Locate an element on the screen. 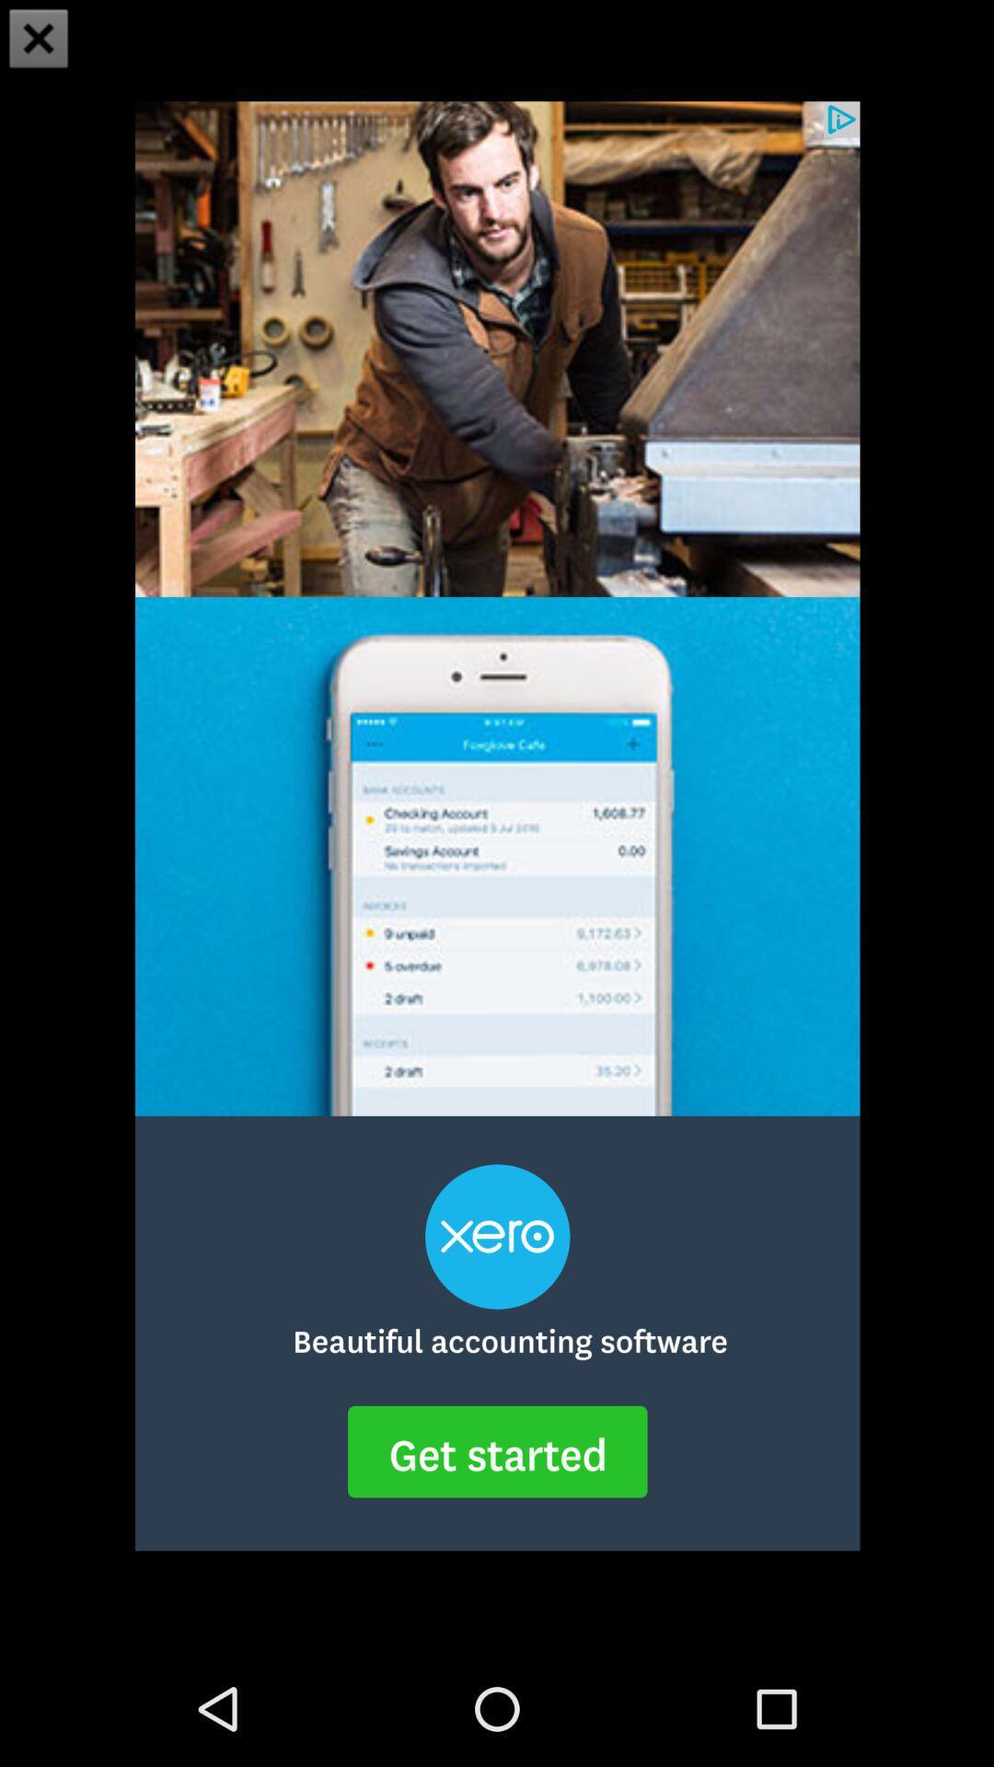  the close icon is located at coordinates (39, 40).